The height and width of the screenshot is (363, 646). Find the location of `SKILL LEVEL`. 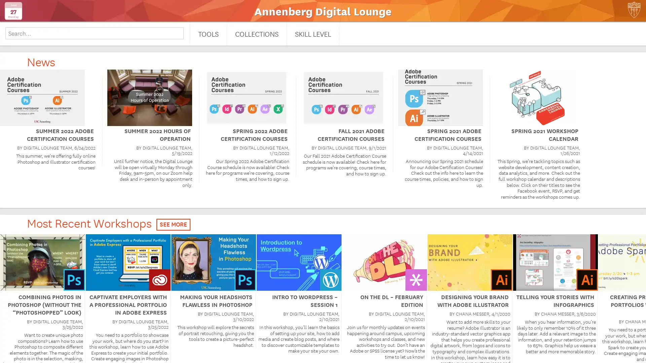

SKILL LEVEL is located at coordinates (313, 34).